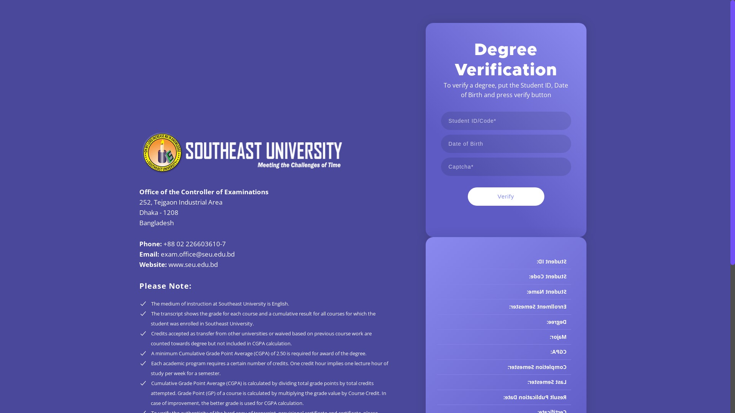 The image size is (735, 413). Describe the element at coordinates (506, 196) in the screenshot. I see `'Verify'` at that location.